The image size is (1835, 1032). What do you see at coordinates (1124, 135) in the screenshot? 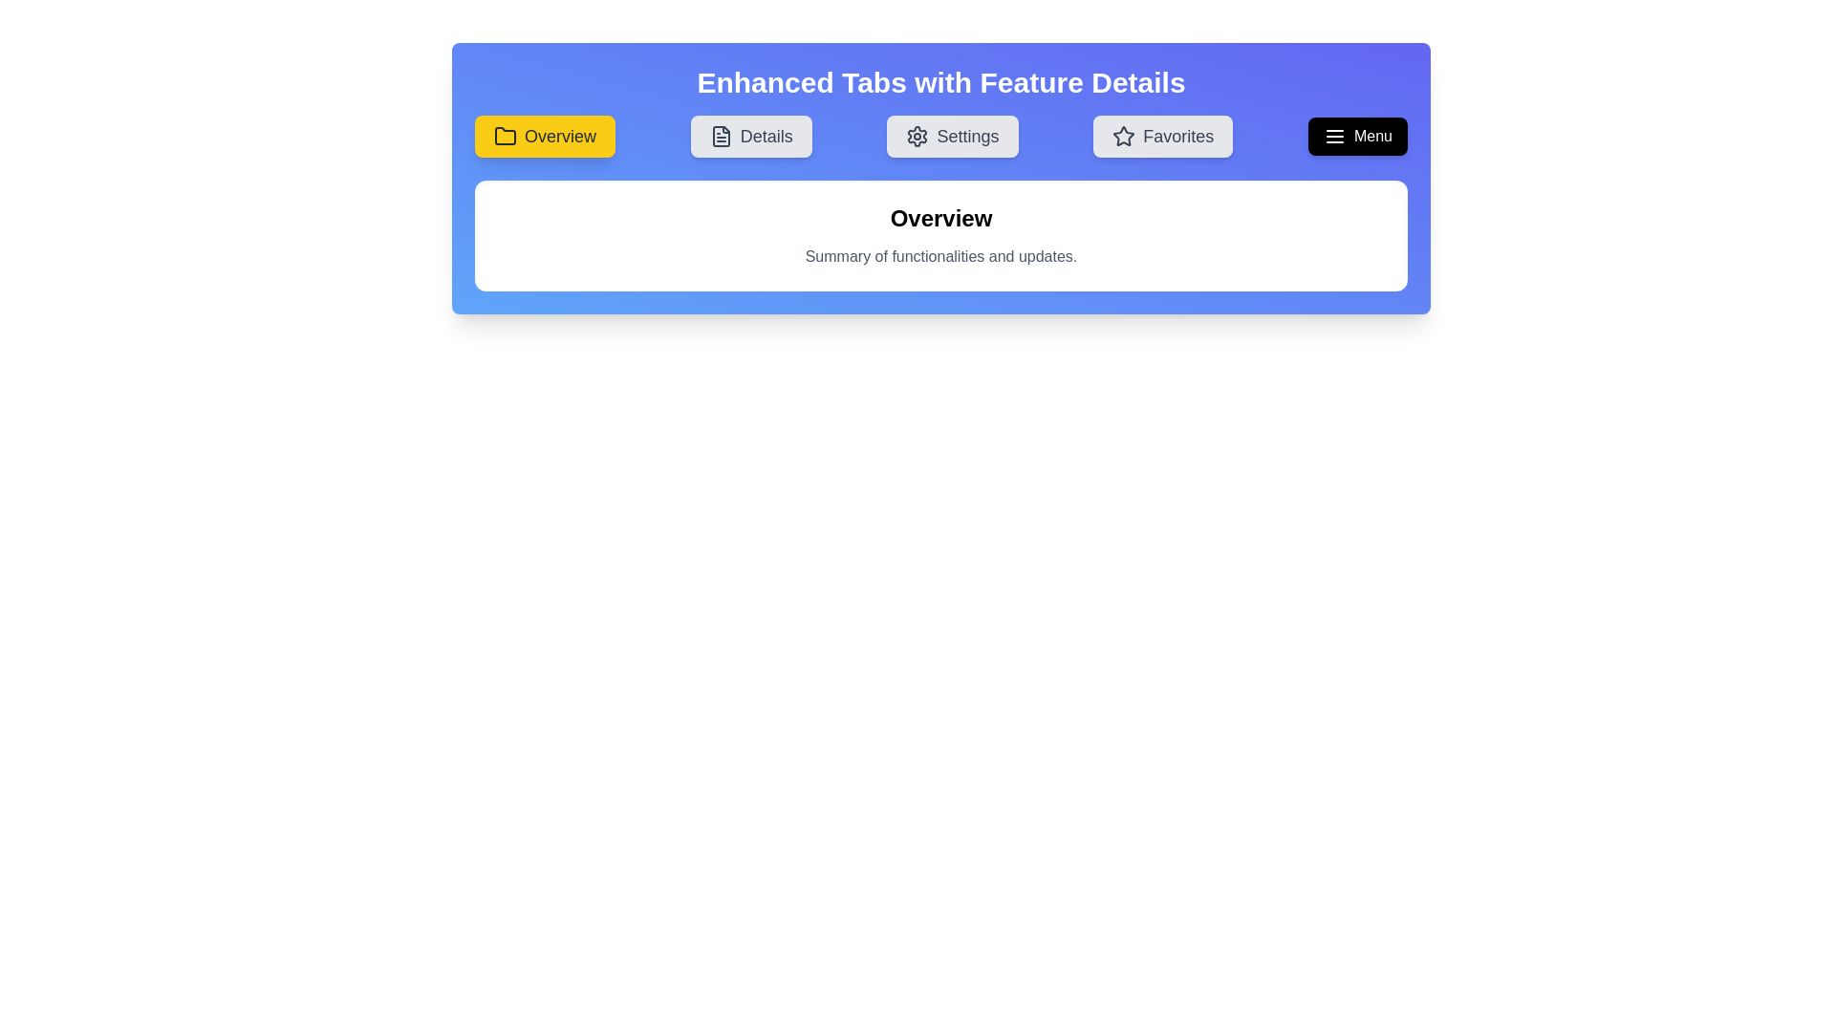
I see `the 'Favorites' tab icon located in the top navigation bar, slightly to the right of the 'Settings' button` at bounding box center [1124, 135].